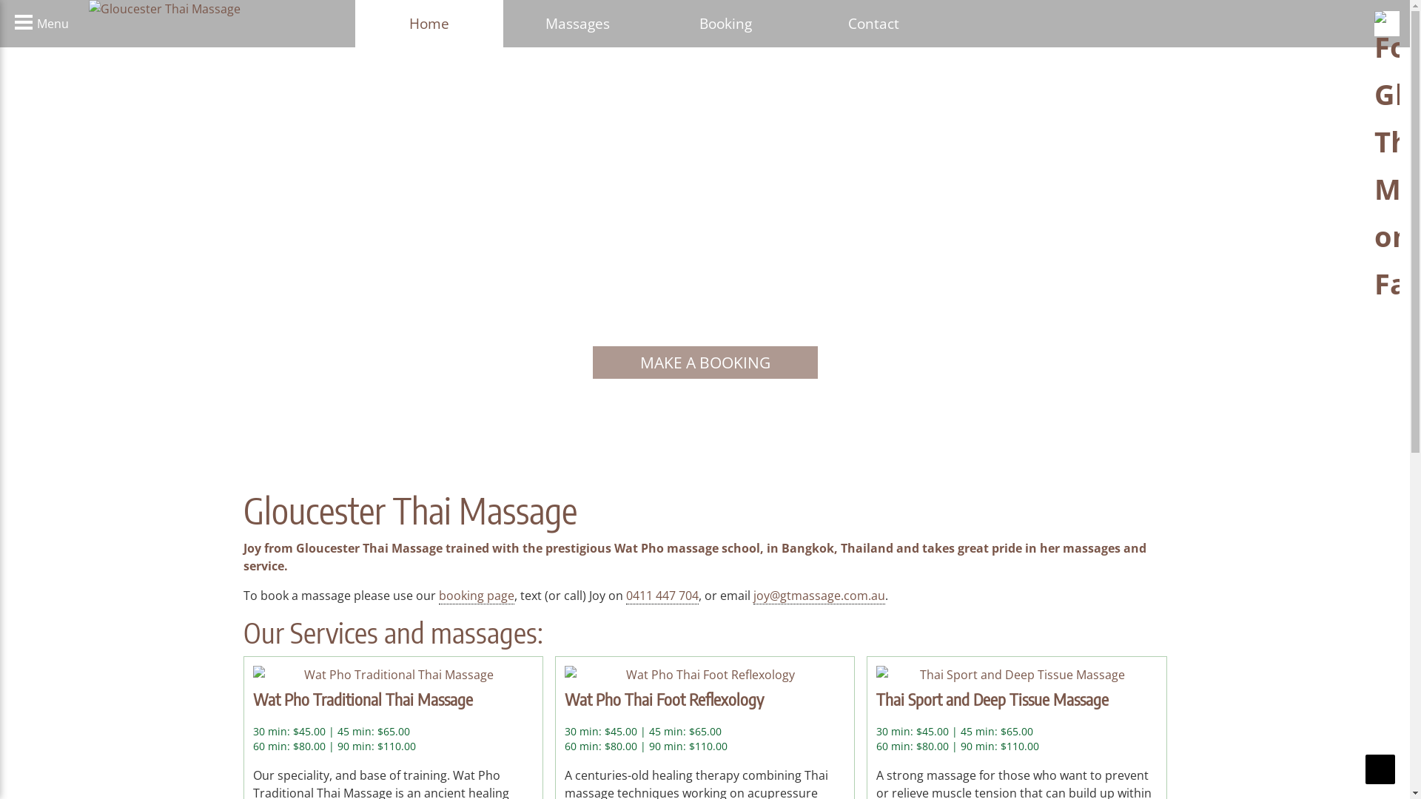 This screenshot has width=1421, height=799. I want to click on 'Thai Sport and Deep Tissue Massage', so click(992, 699).